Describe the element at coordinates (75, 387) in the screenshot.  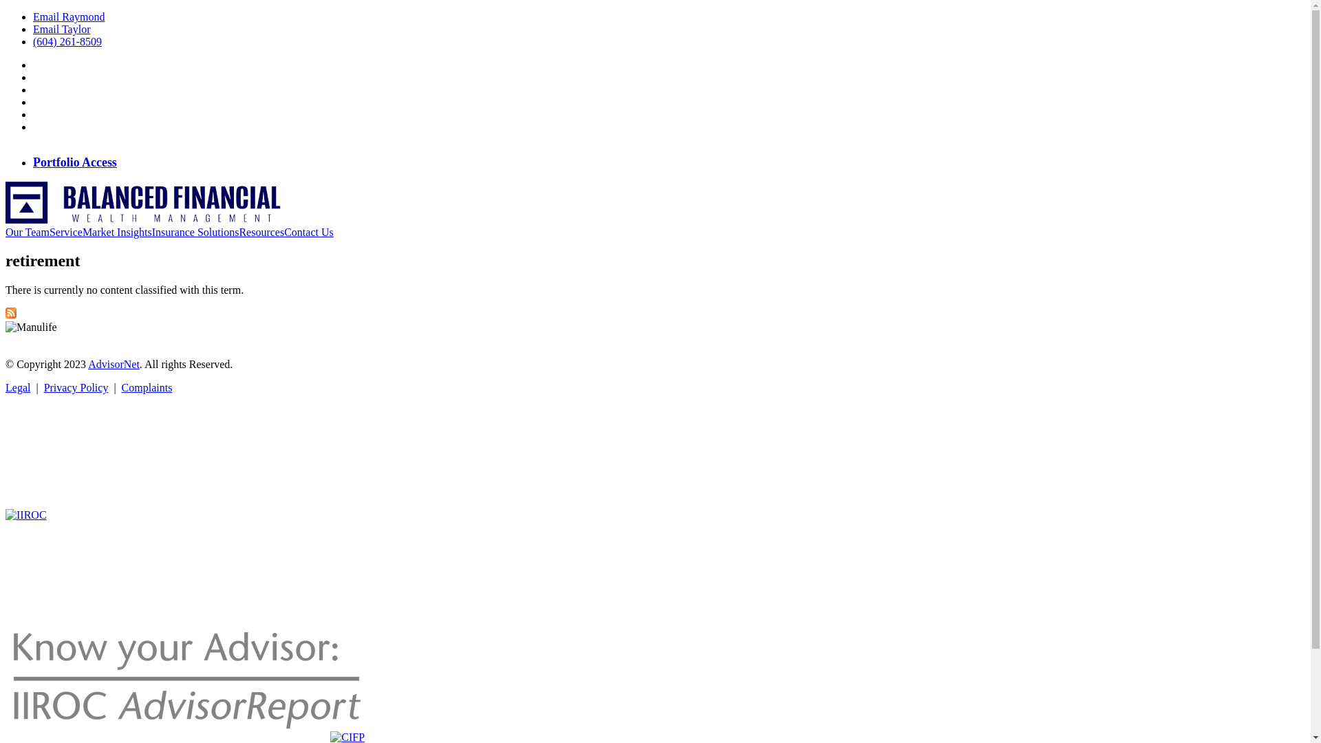
I see `'Privacy Policy'` at that location.